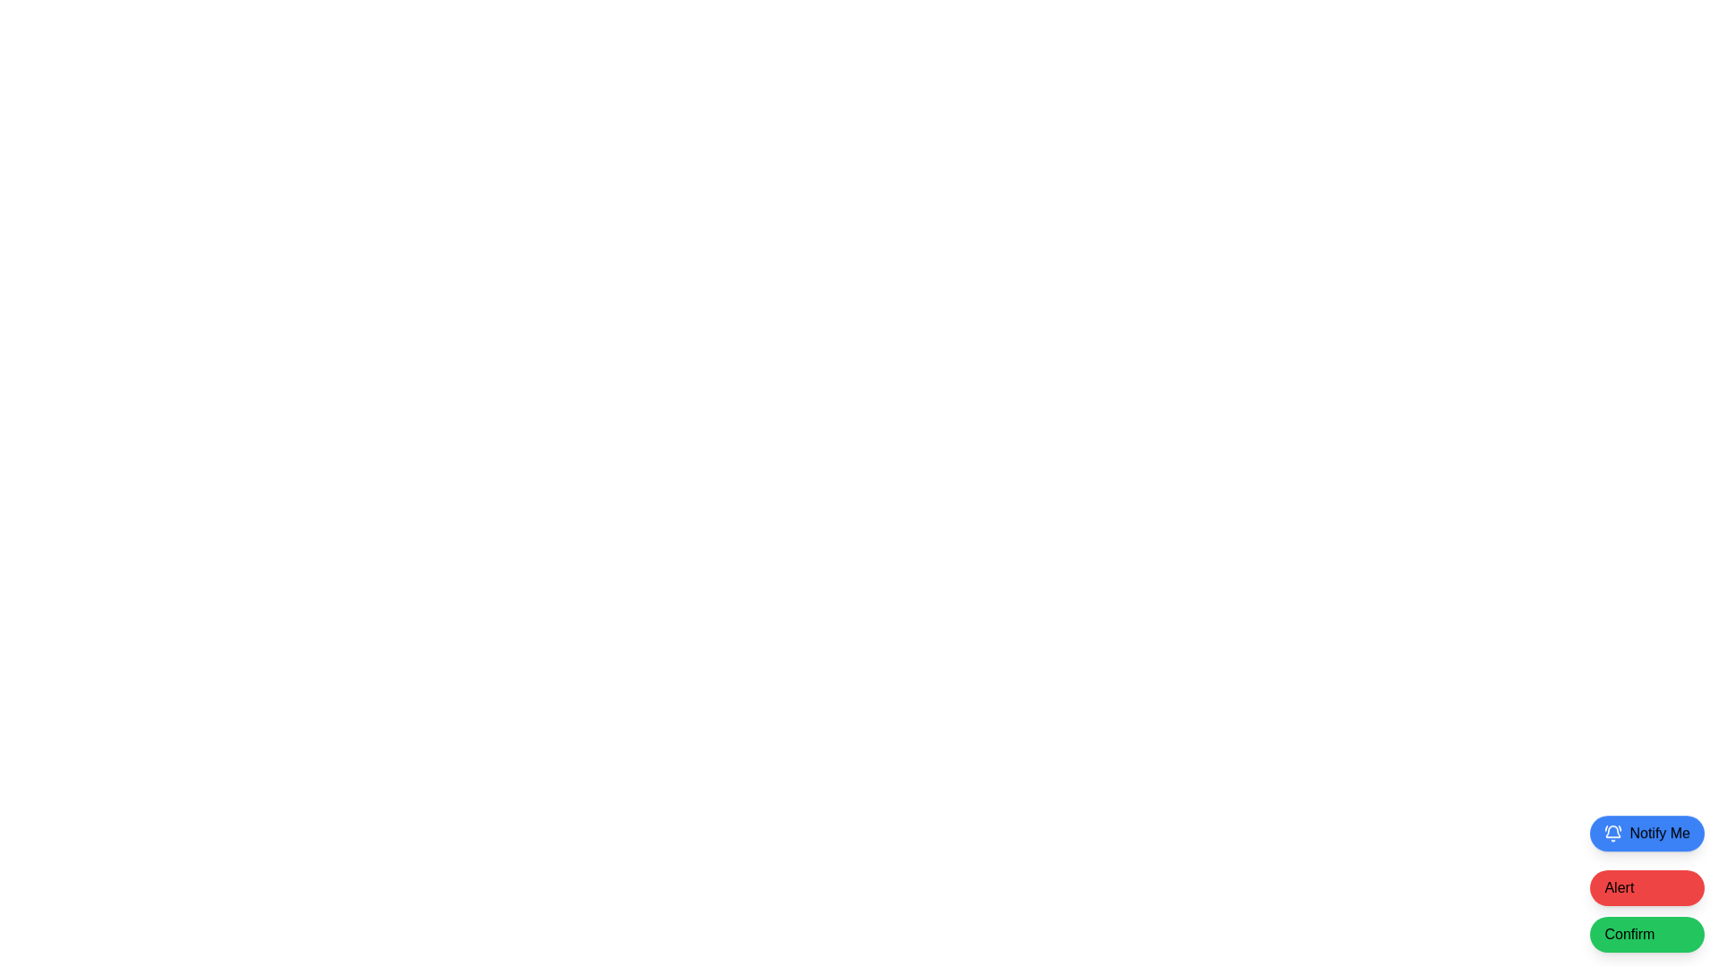  I want to click on the topmost button in the vertical arrangement of three buttons located at the bottom-right corner of the interface, so click(1647, 838).